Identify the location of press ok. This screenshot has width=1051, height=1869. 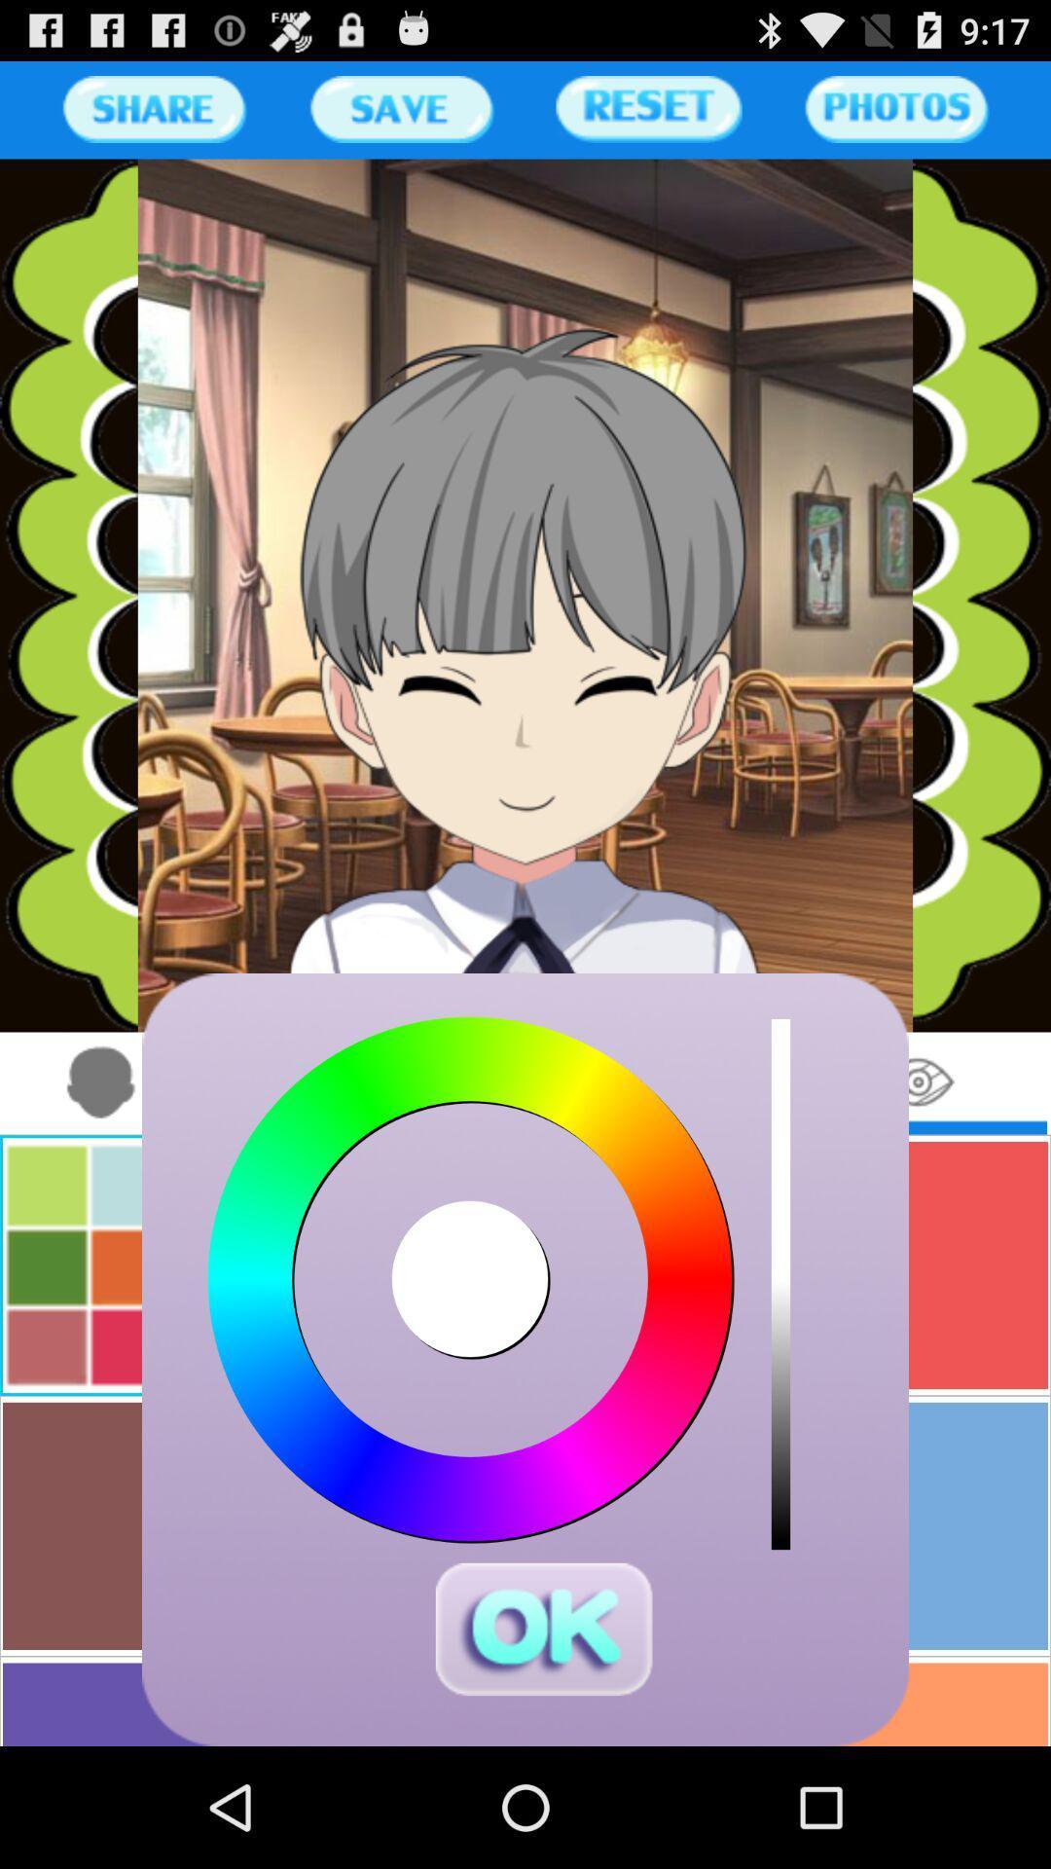
(544, 1630).